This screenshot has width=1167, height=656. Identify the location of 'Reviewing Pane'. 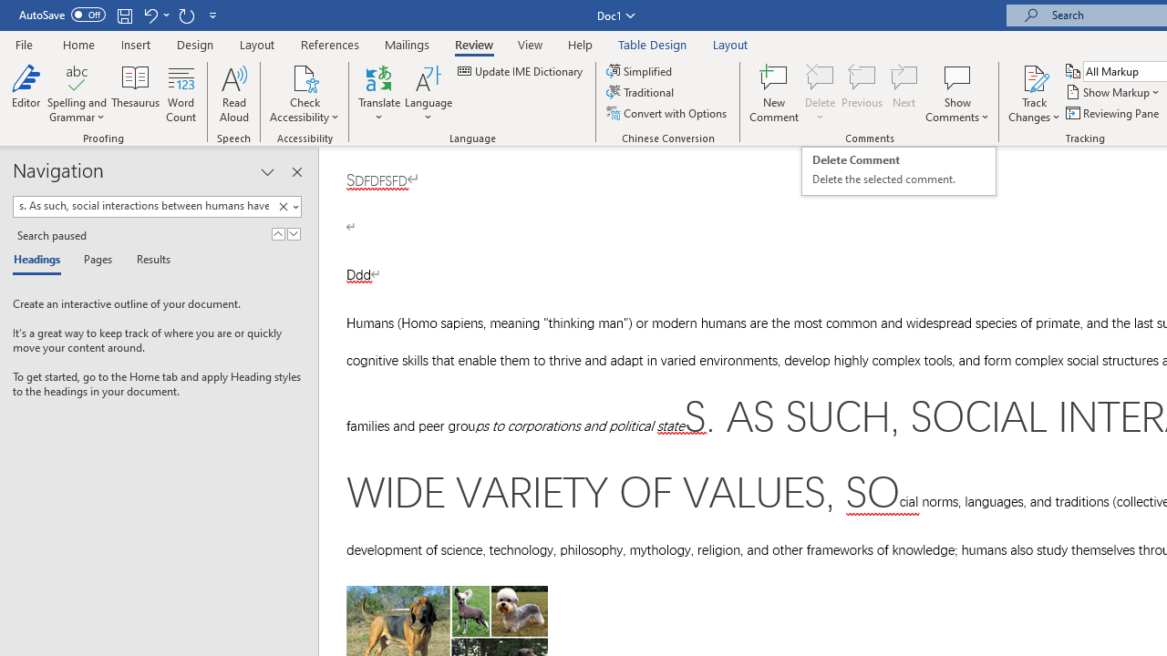
(1112, 113).